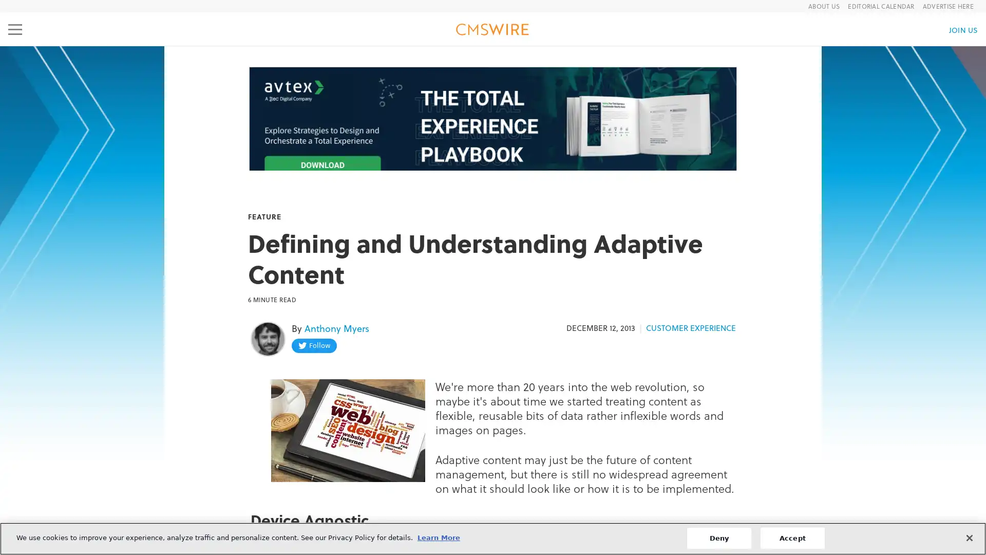 The image size is (986, 555). What do you see at coordinates (962, 29) in the screenshot?
I see `JOIN US` at bounding box center [962, 29].